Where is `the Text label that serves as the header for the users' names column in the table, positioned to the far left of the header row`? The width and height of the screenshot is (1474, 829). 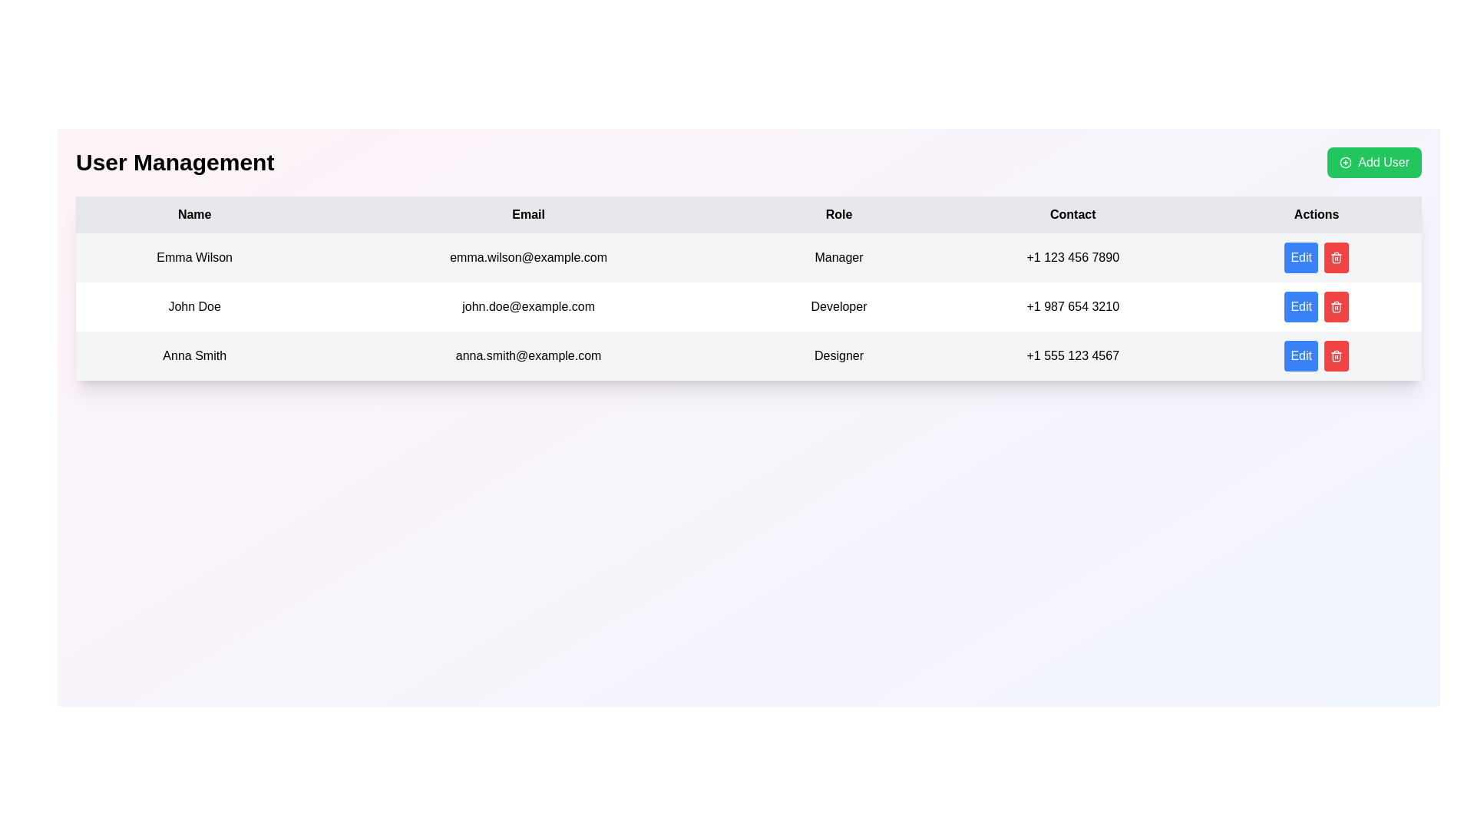
the Text label that serves as the header for the users' names column in the table, positioned to the far left of the header row is located at coordinates (193, 215).